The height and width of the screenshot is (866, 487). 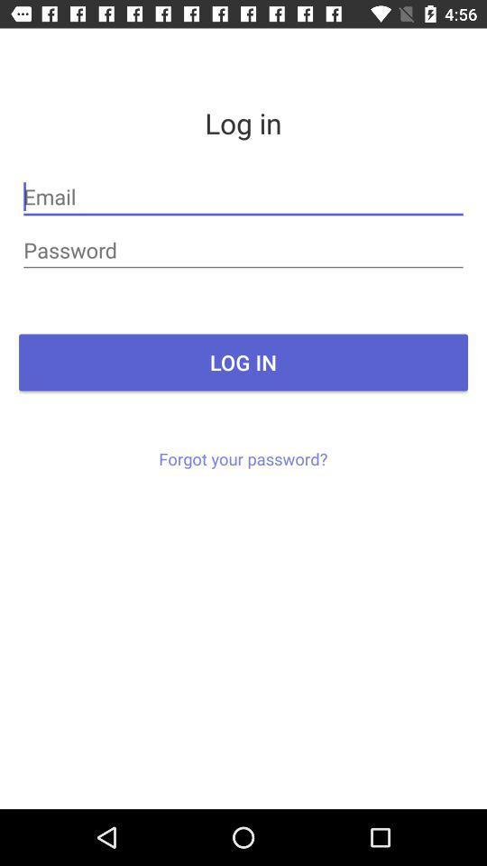 What do you see at coordinates (243, 197) in the screenshot?
I see `the item below log in` at bounding box center [243, 197].